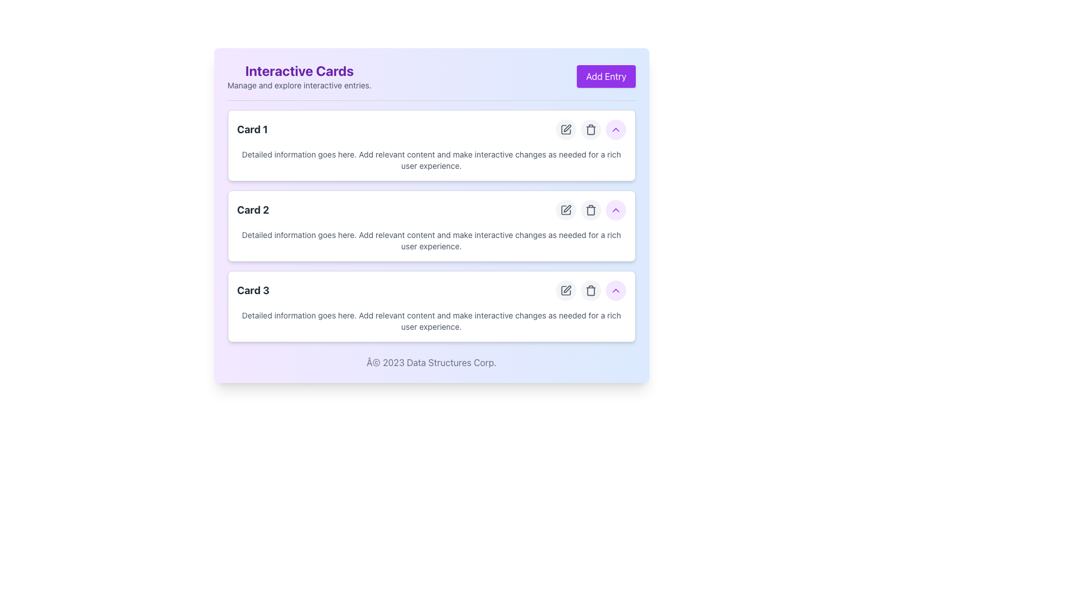 This screenshot has height=612, width=1088. Describe the element at coordinates (566, 129) in the screenshot. I see `the edit button for 'Card 1', which is the first button in the row of action buttons located to the right of the card entry` at that location.